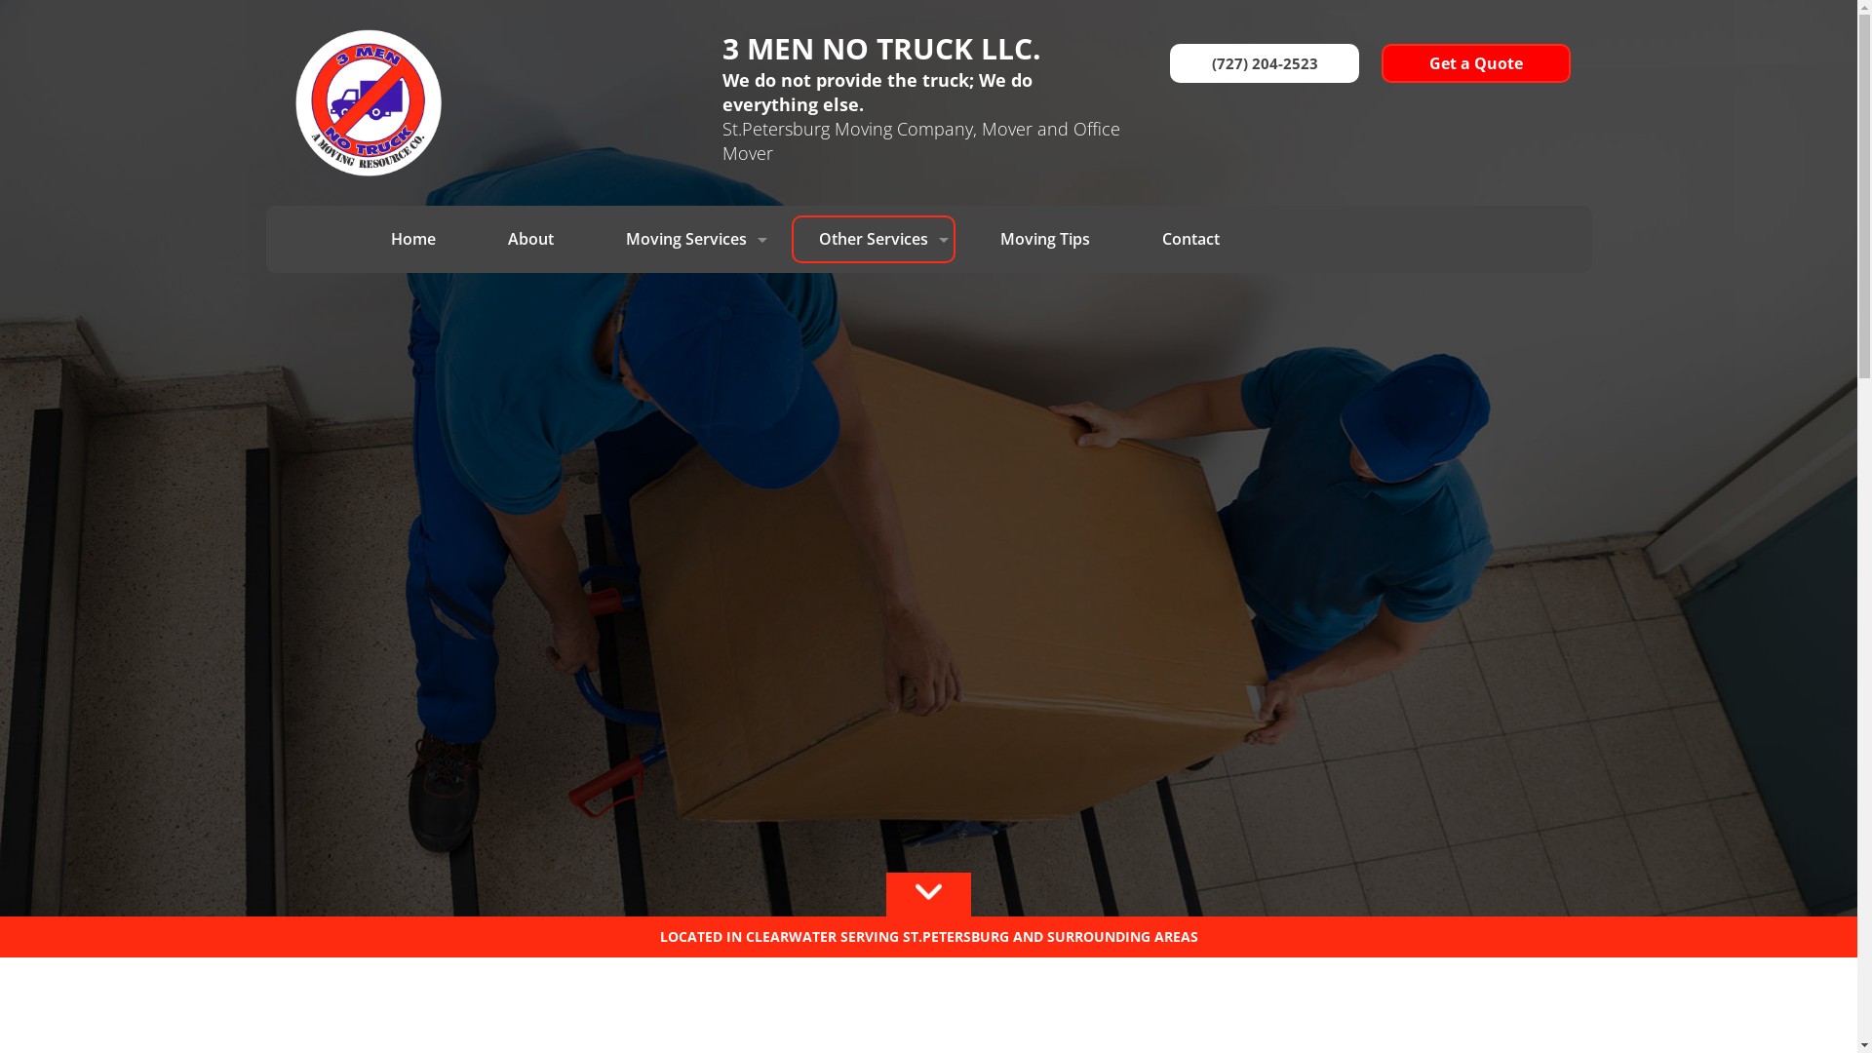 The image size is (1872, 1053). I want to click on 'Commercial Movers', so click(686, 321).